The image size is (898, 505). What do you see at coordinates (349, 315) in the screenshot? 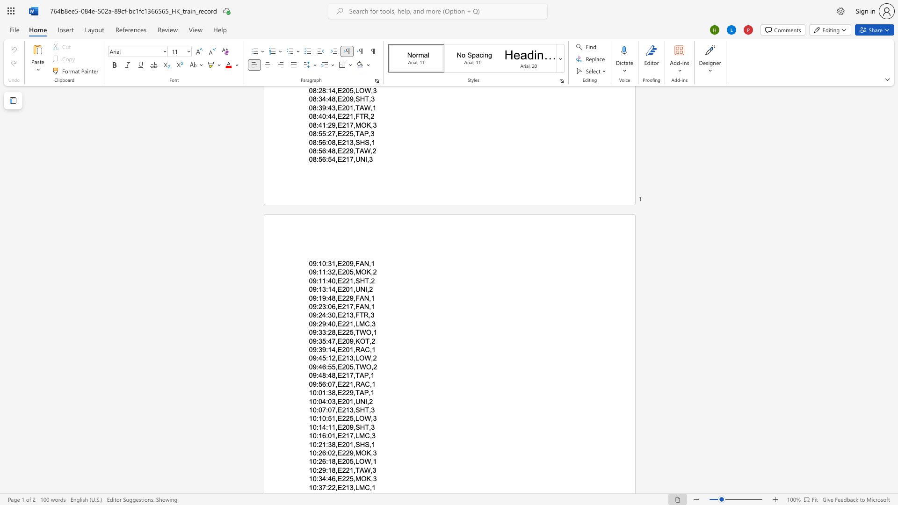
I see `the subset text "3,FTR,3" within the text "09:24:30,E213,FTR,3"` at bounding box center [349, 315].